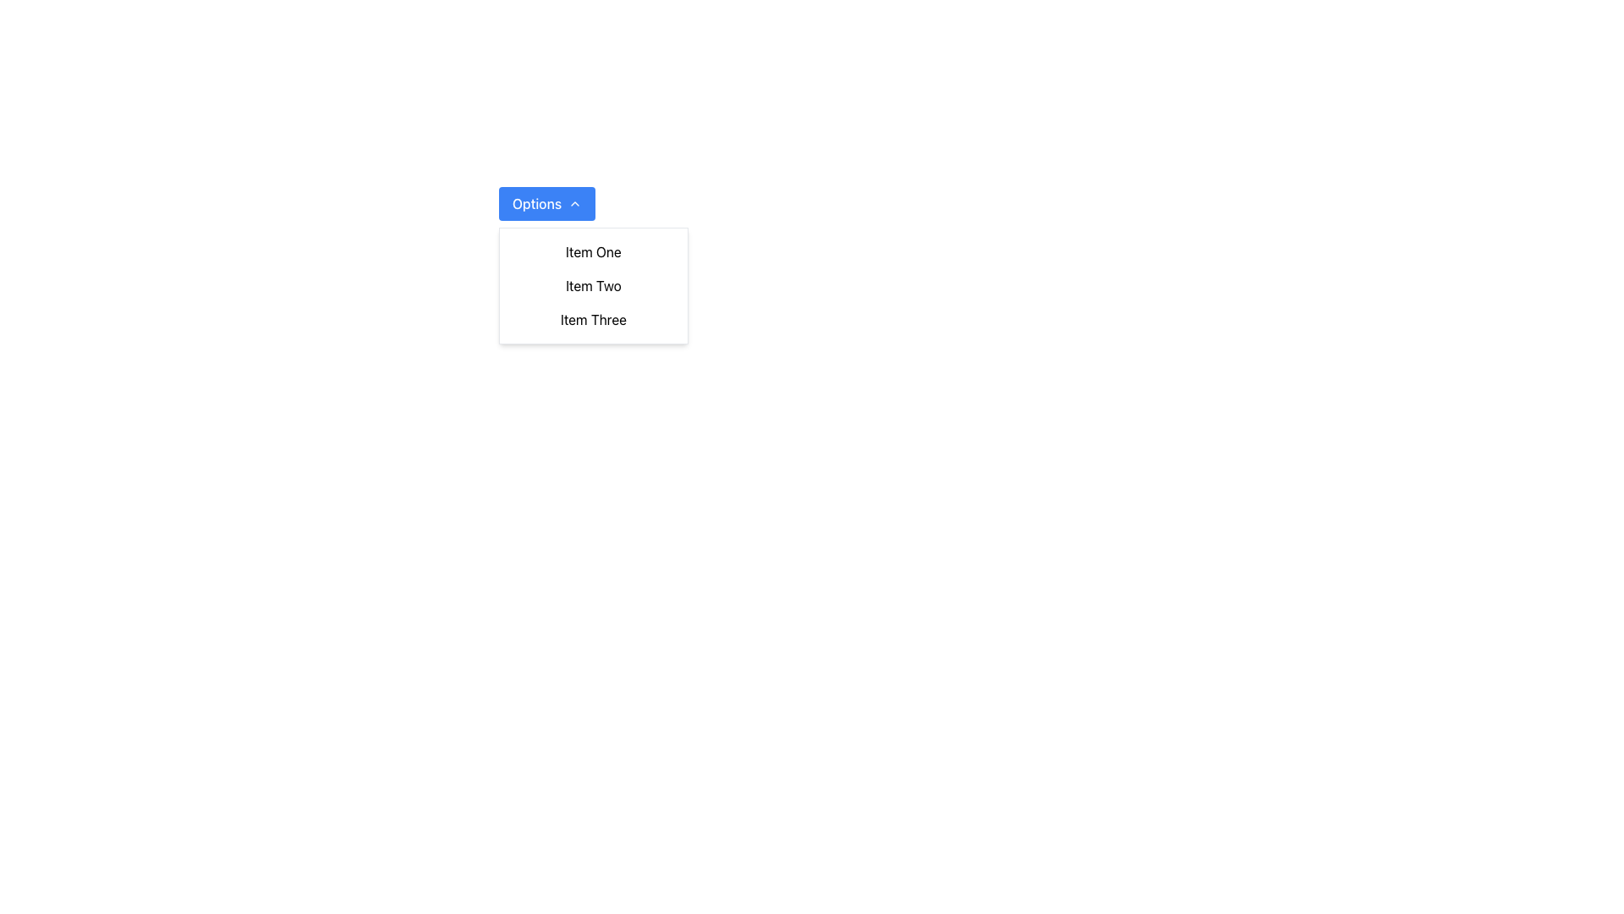 The height and width of the screenshot is (914, 1624). Describe the element at coordinates (593, 285) in the screenshot. I see `the selectable list item labeled 'Item Two'` at that location.